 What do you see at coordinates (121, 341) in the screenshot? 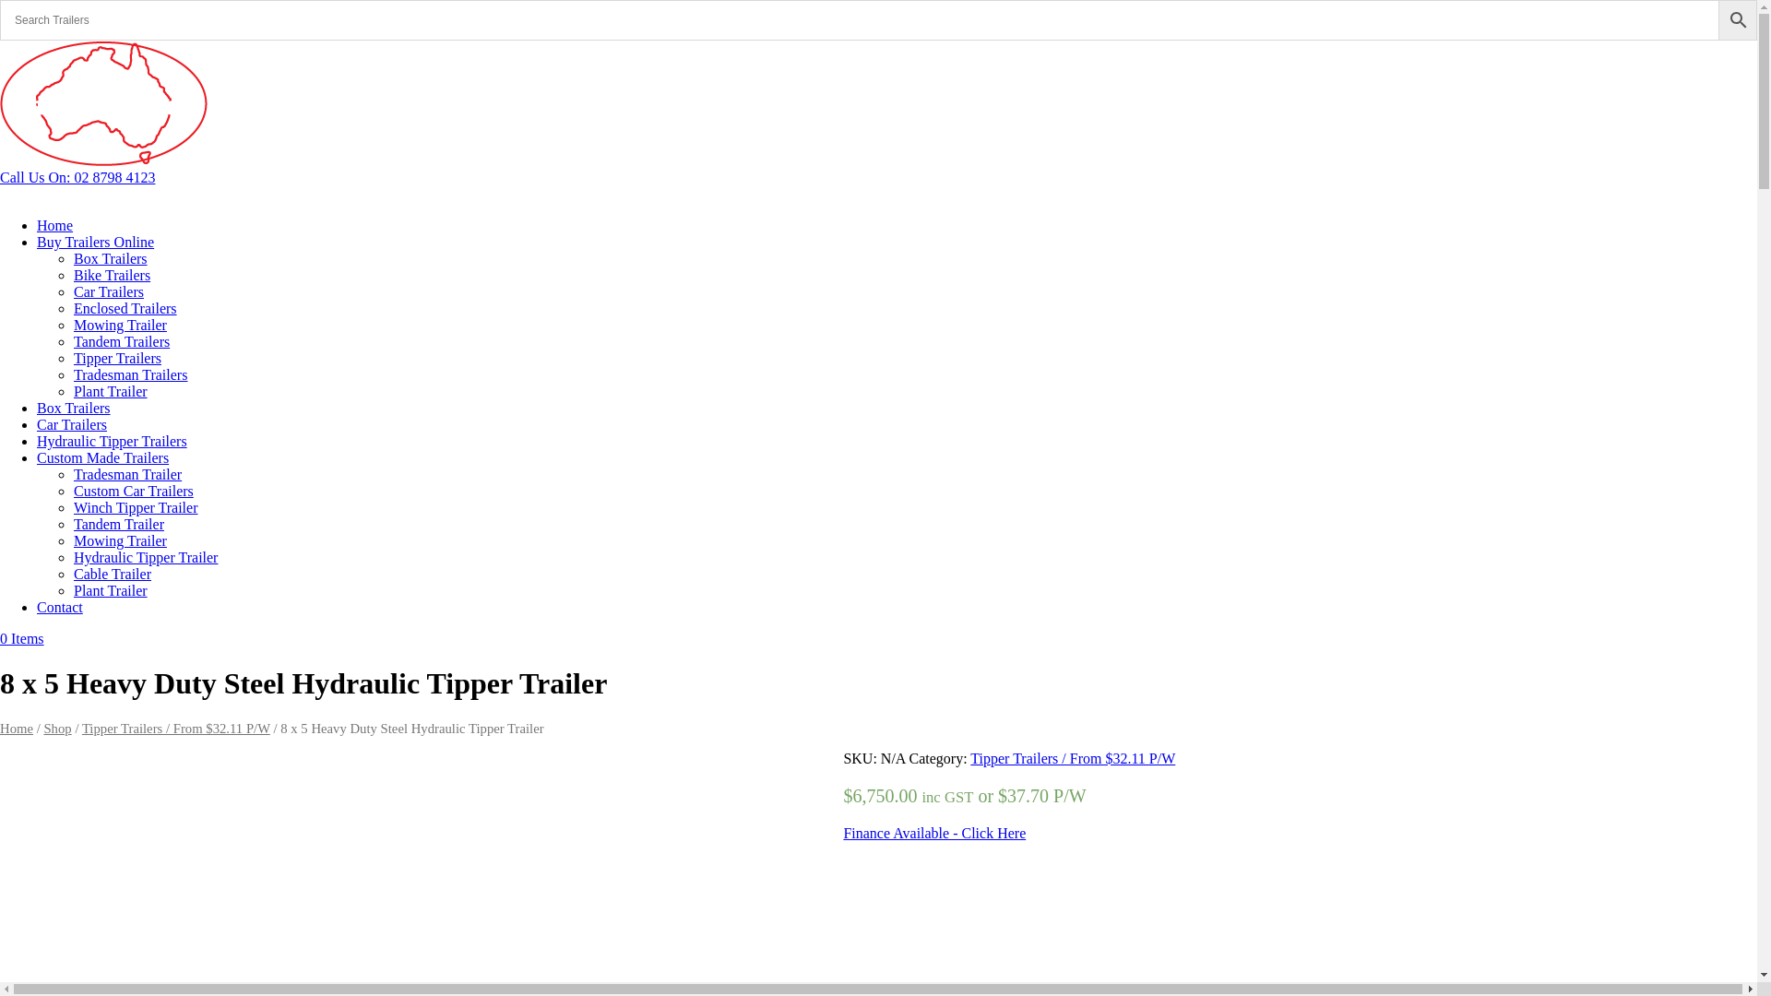
I see `'Tandem Trailers'` at bounding box center [121, 341].